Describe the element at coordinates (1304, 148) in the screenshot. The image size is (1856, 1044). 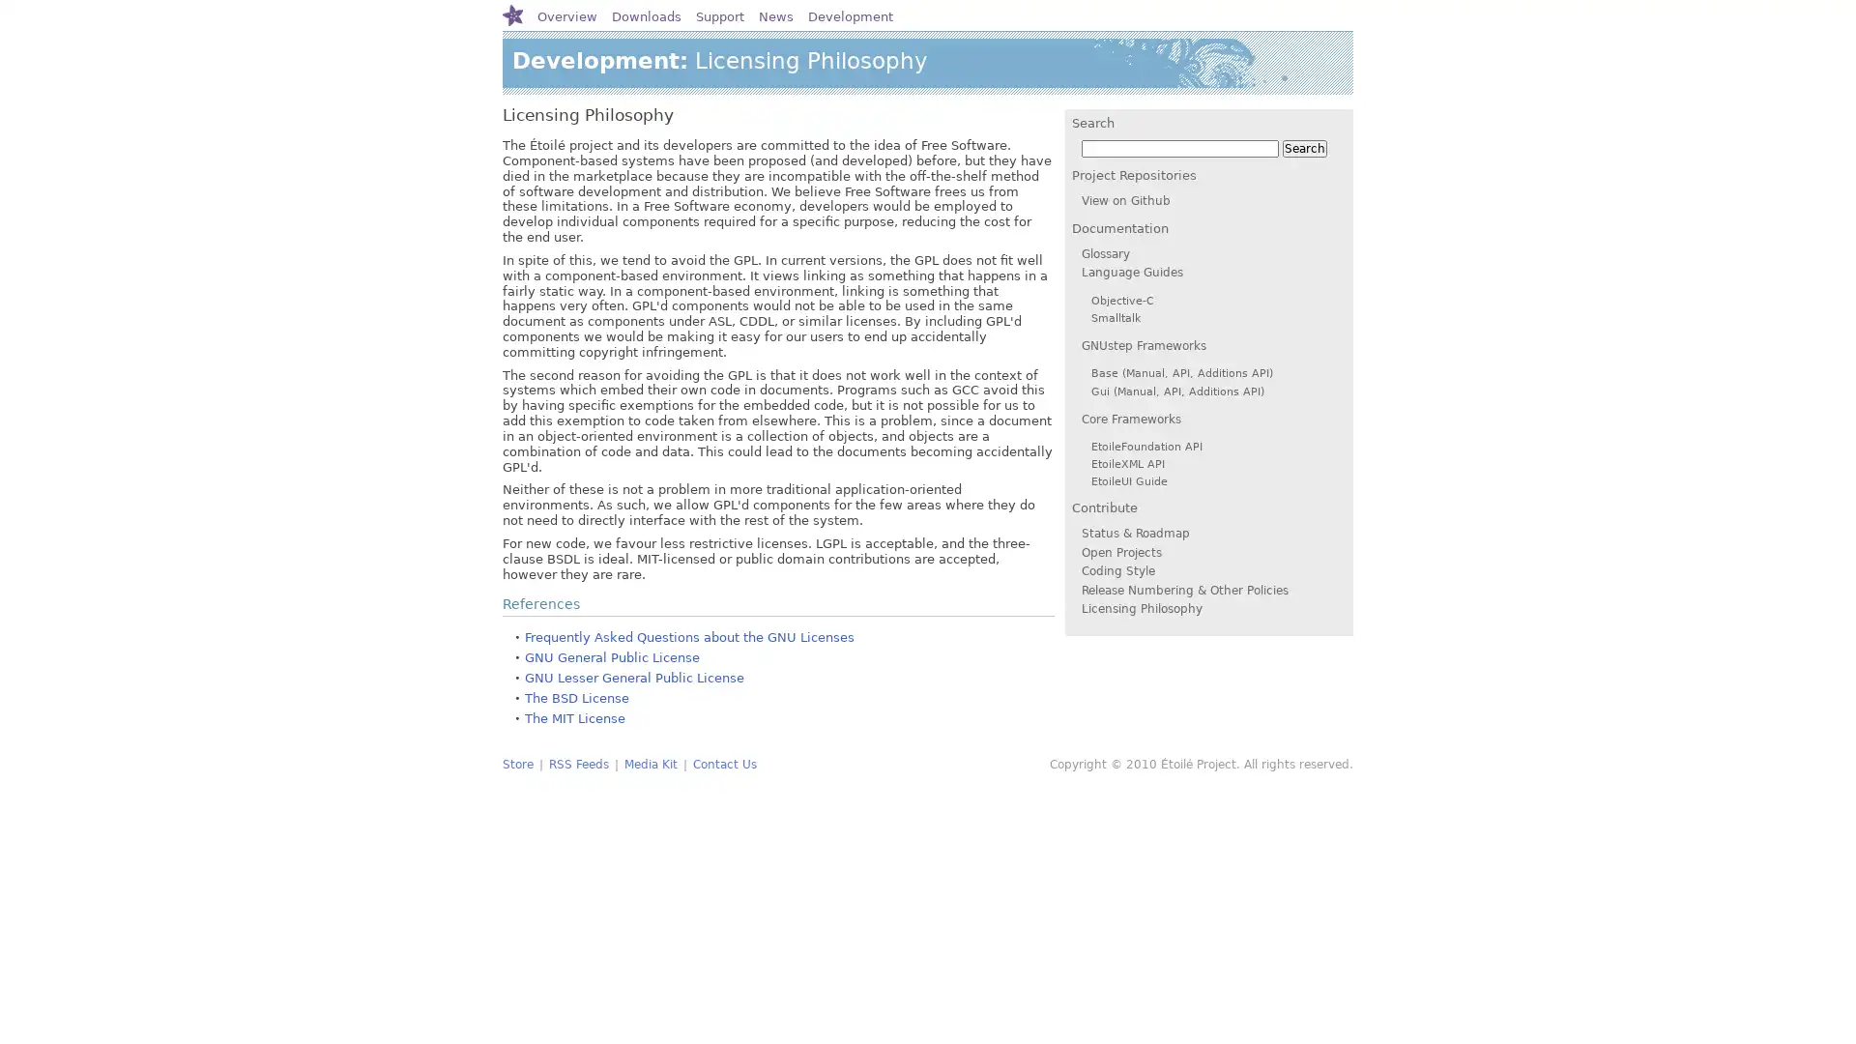
I see `Search` at that location.